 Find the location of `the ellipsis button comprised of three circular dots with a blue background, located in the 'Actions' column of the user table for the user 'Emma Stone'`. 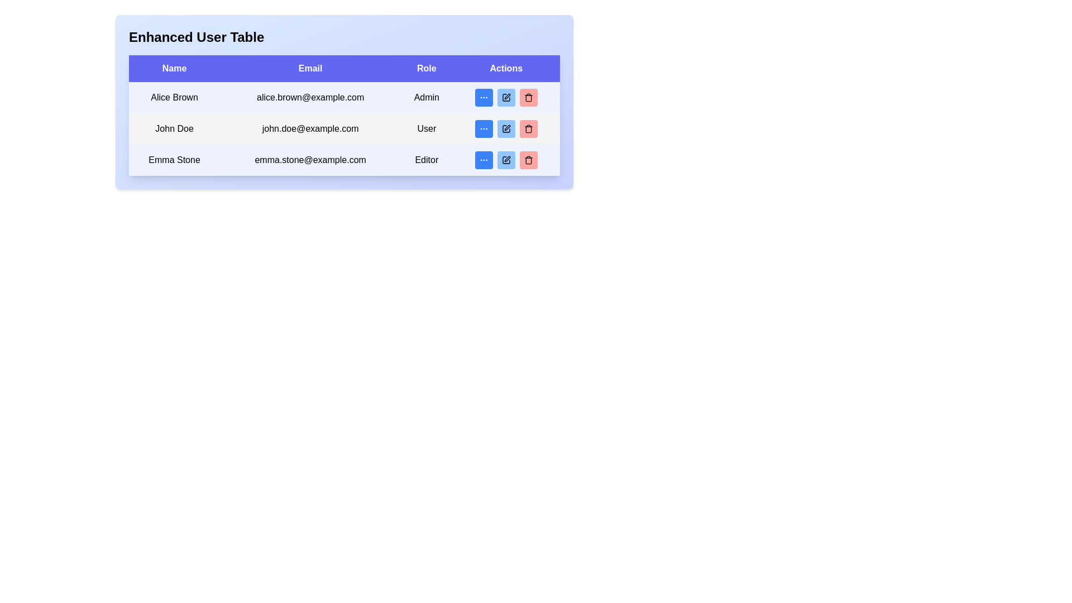

the ellipsis button comprised of three circular dots with a blue background, located in the 'Actions' column of the user table for the user 'Emma Stone' is located at coordinates (484, 160).